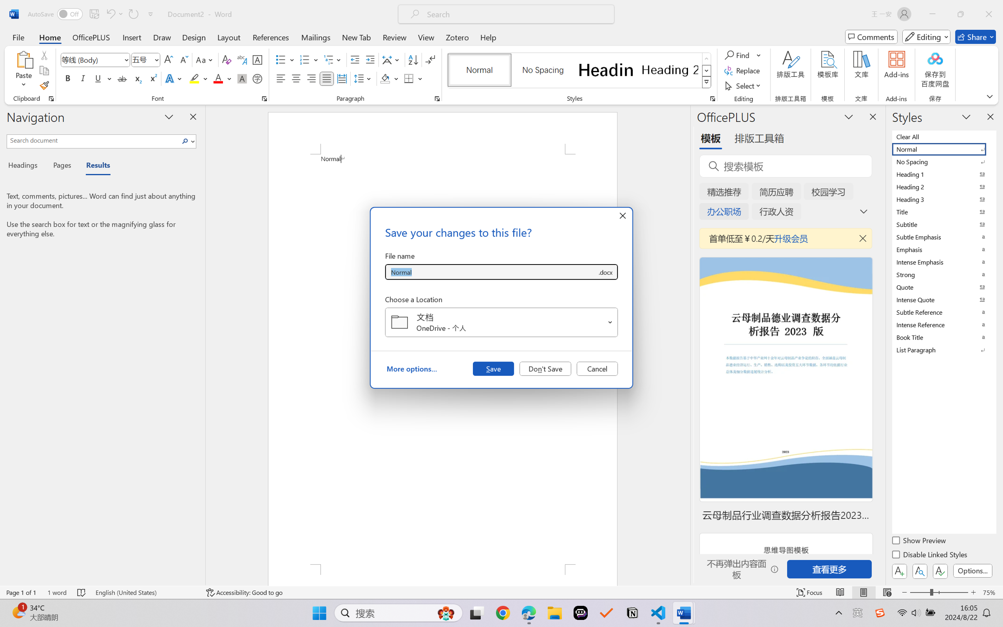 This screenshot has width=1003, height=627. Describe the element at coordinates (91, 60) in the screenshot. I see `'Font'` at that location.